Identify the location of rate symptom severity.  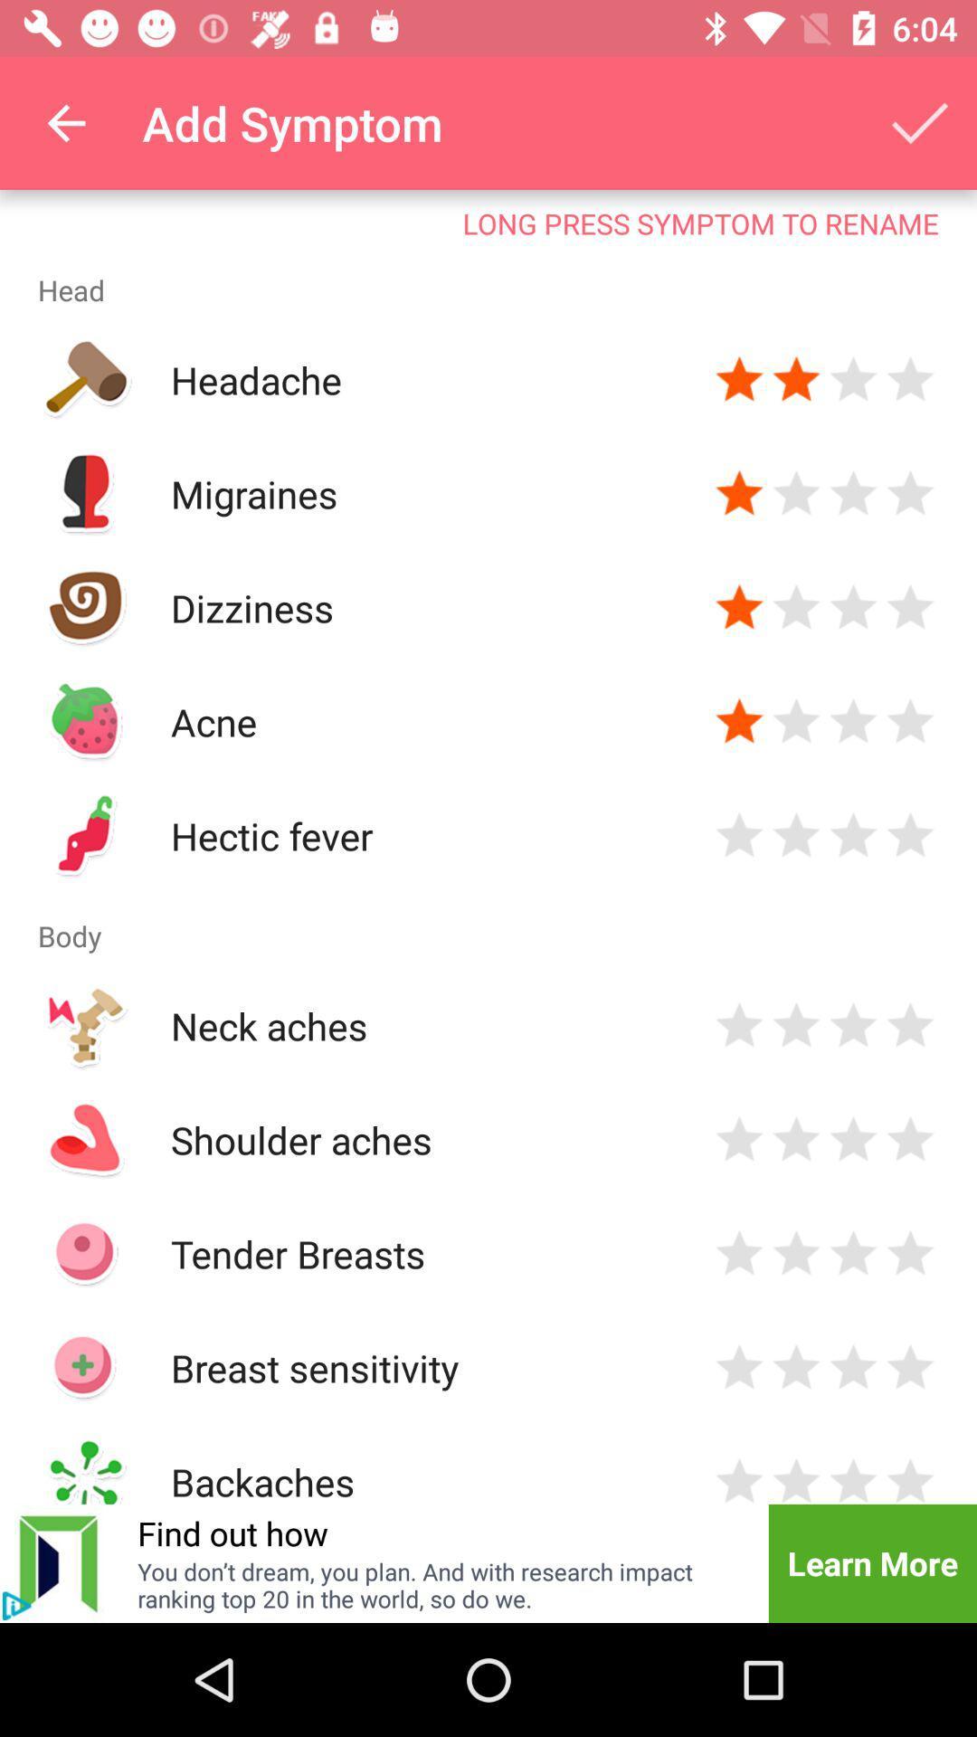
(795, 379).